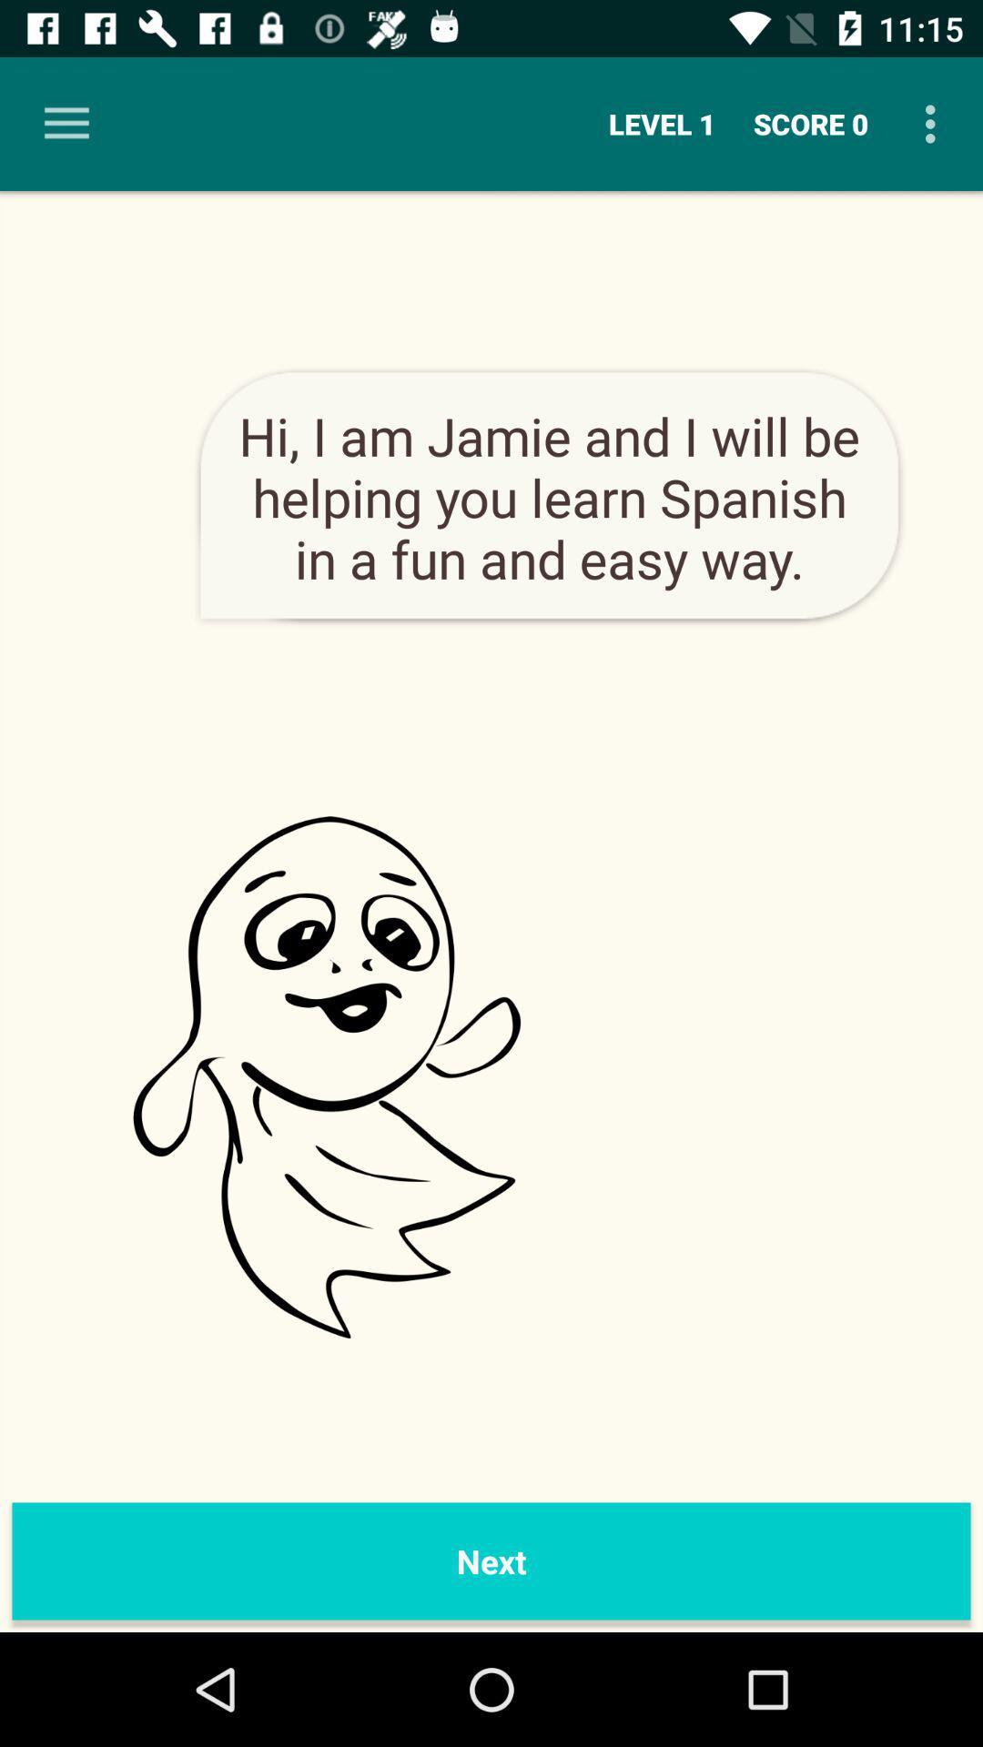 This screenshot has width=983, height=1747. Describe the element at coordinates (935, 123) in the screenshot. I see `the icon next to the score 0 icon` at that location.